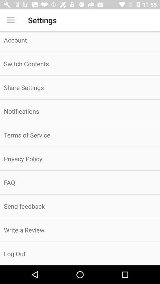  What do you see at coordinates (80, 158) in the screenshot?
I see `the item above the faq item` at bounding box center [80, 158].